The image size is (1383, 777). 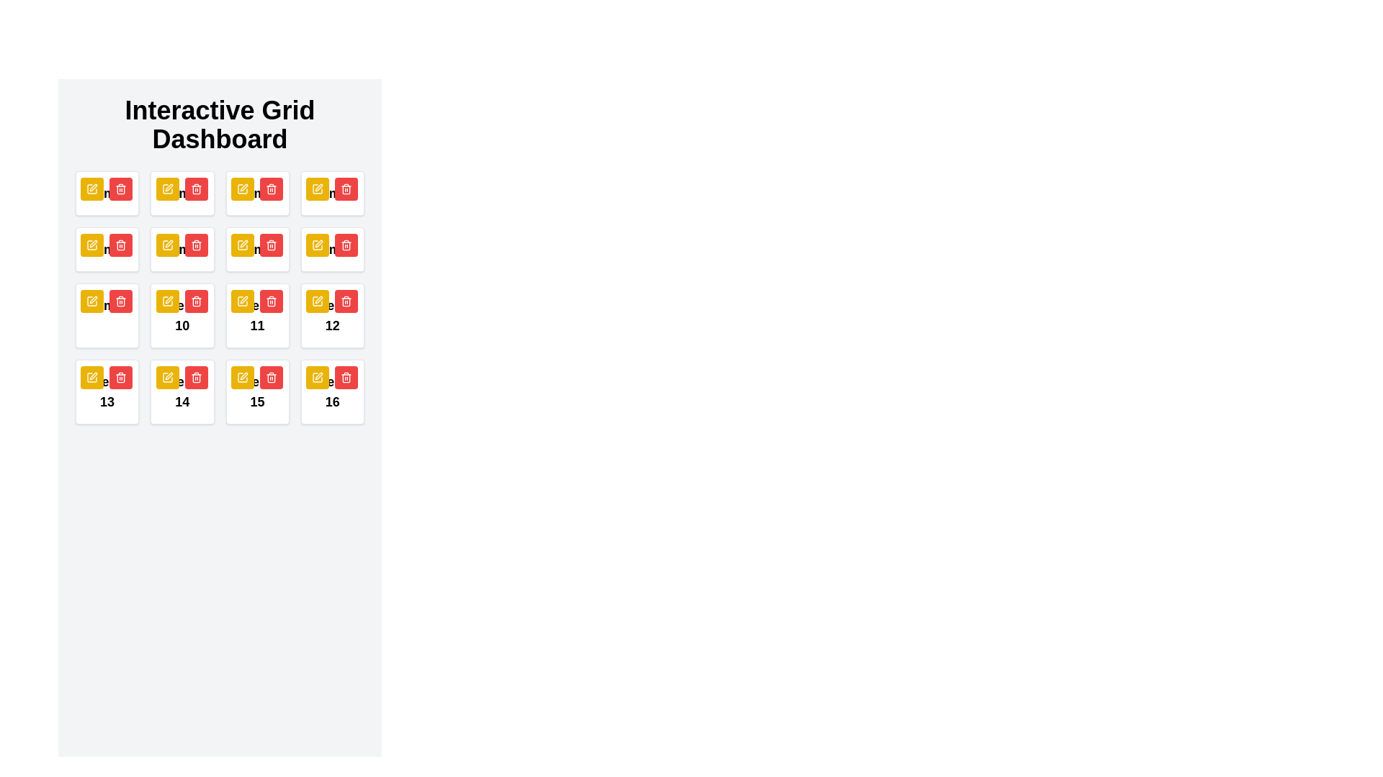 What do you see at coordinates (318, 376) in the screenshot?
I see `the editing icon located` at bounding box center [318, 376].